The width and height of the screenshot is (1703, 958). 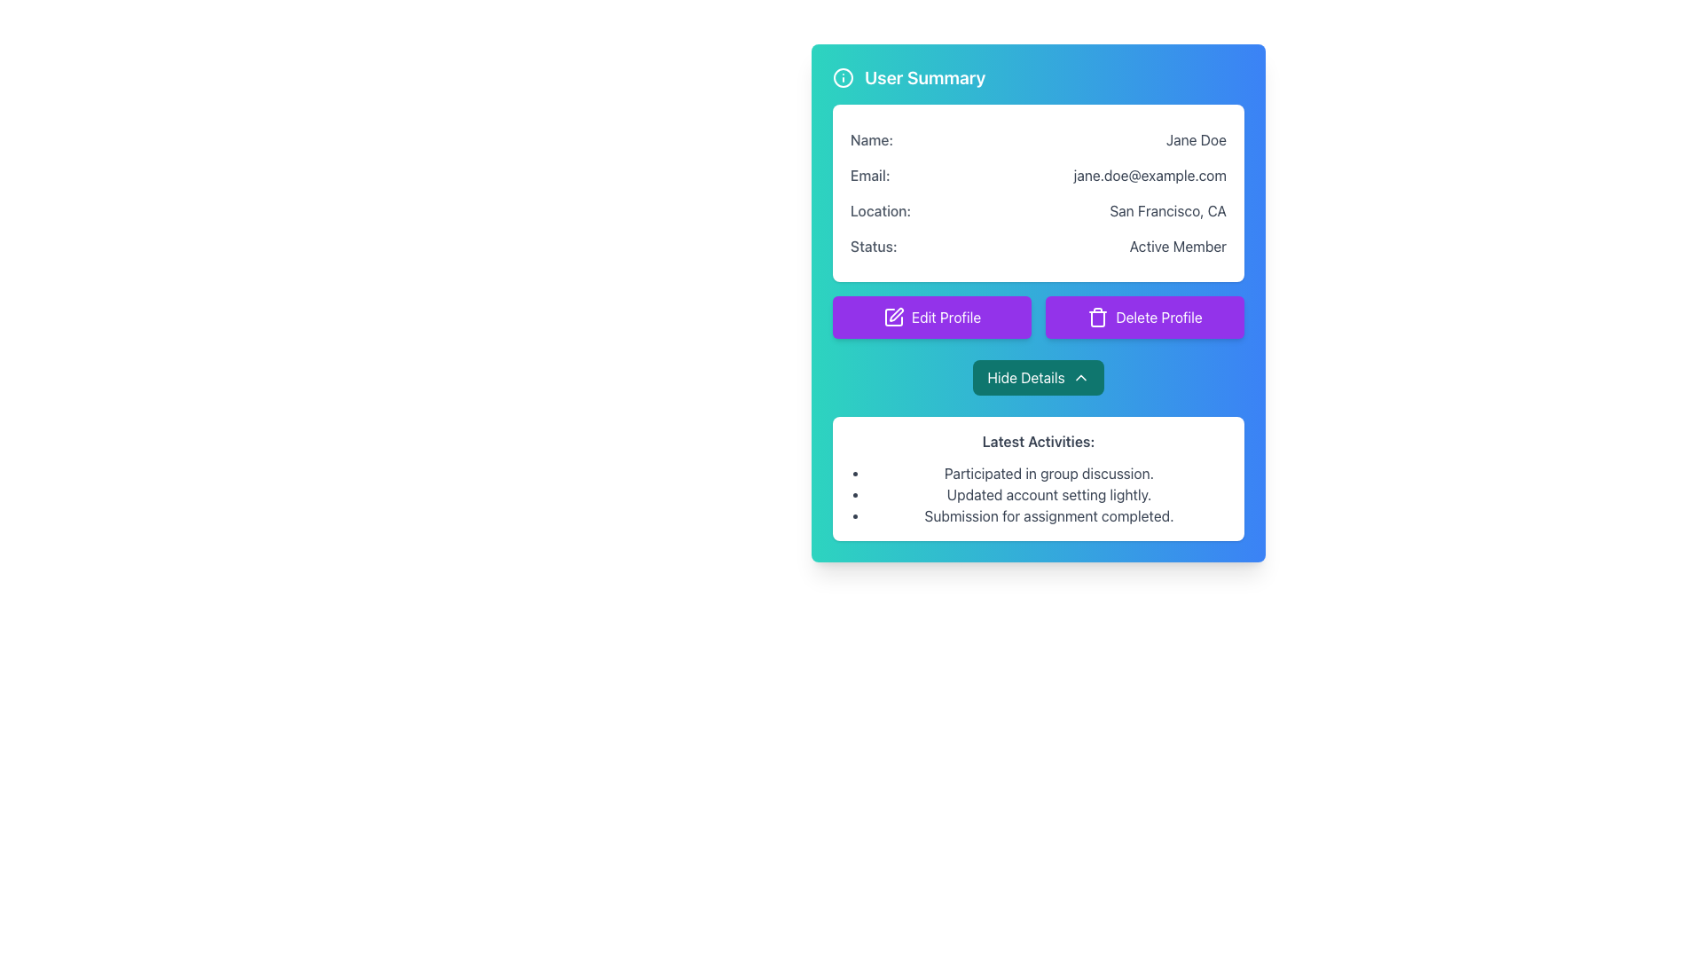 What do you see at coordinates (924, 77) in the screenshot?
I see `the 'User Summary' text label, which is displayed in a bold and large font against a gradient blue background in the top-left section of the user information card interface` at bounding box center [924, 77].